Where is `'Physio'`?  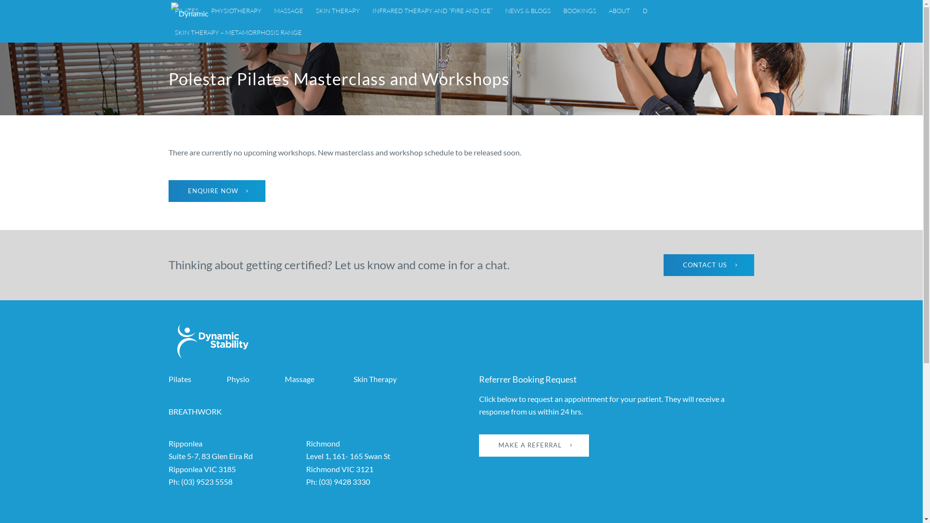
'Physio' is located at coordinates (238, 378).